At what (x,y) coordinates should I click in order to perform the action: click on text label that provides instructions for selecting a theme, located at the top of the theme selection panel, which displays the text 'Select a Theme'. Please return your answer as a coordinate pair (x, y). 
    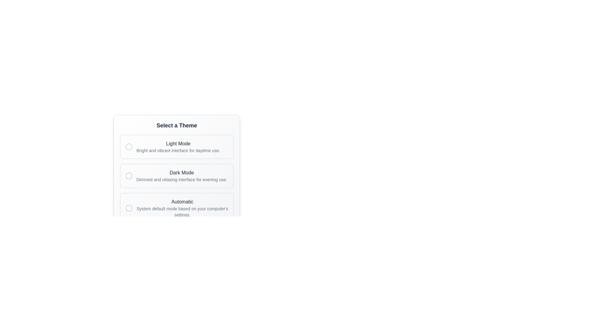
    Looking at the image, I should click on (176, 125).